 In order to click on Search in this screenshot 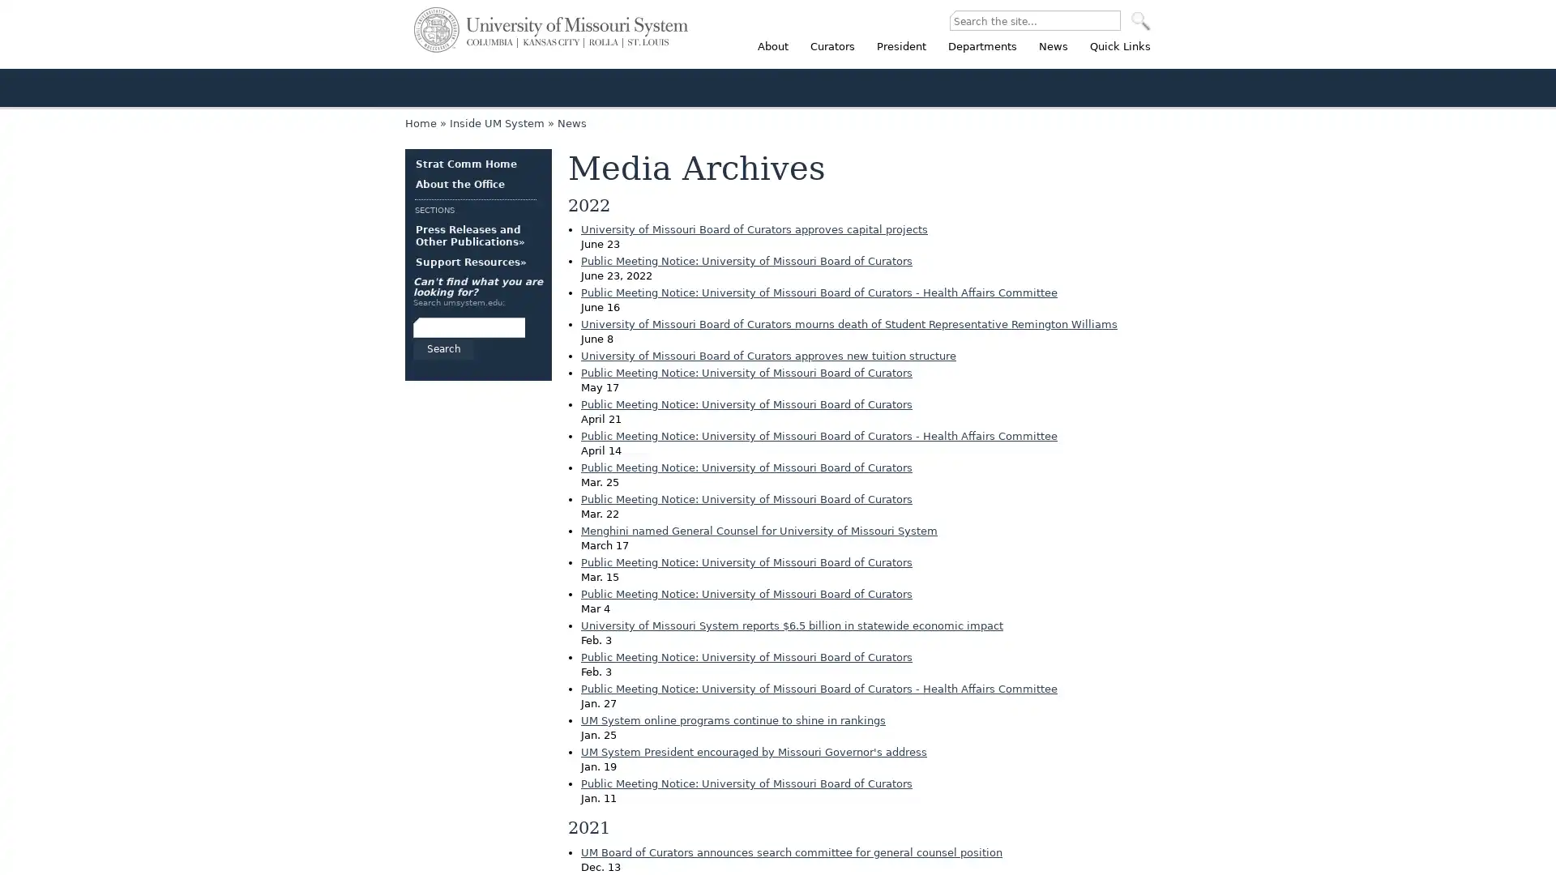, I will do `click(443, 348)`.